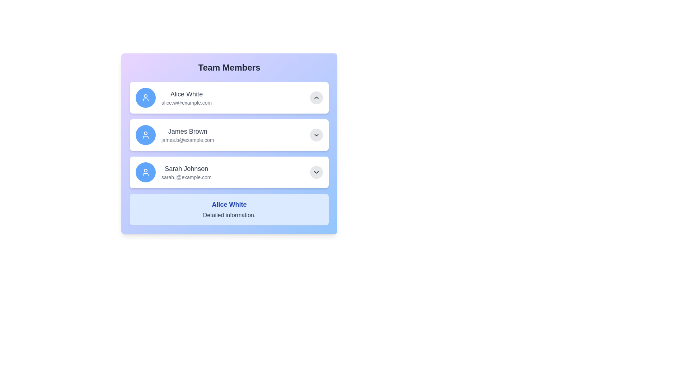 The height and width of the screenshot is (387, 689). Describe the element at coordinates (186, 172) in the screenshot. I see `the text content block displaying 'Sarah Johnson' and 'sarah.j@example.com', which is the third entry in the team members list` at that location.